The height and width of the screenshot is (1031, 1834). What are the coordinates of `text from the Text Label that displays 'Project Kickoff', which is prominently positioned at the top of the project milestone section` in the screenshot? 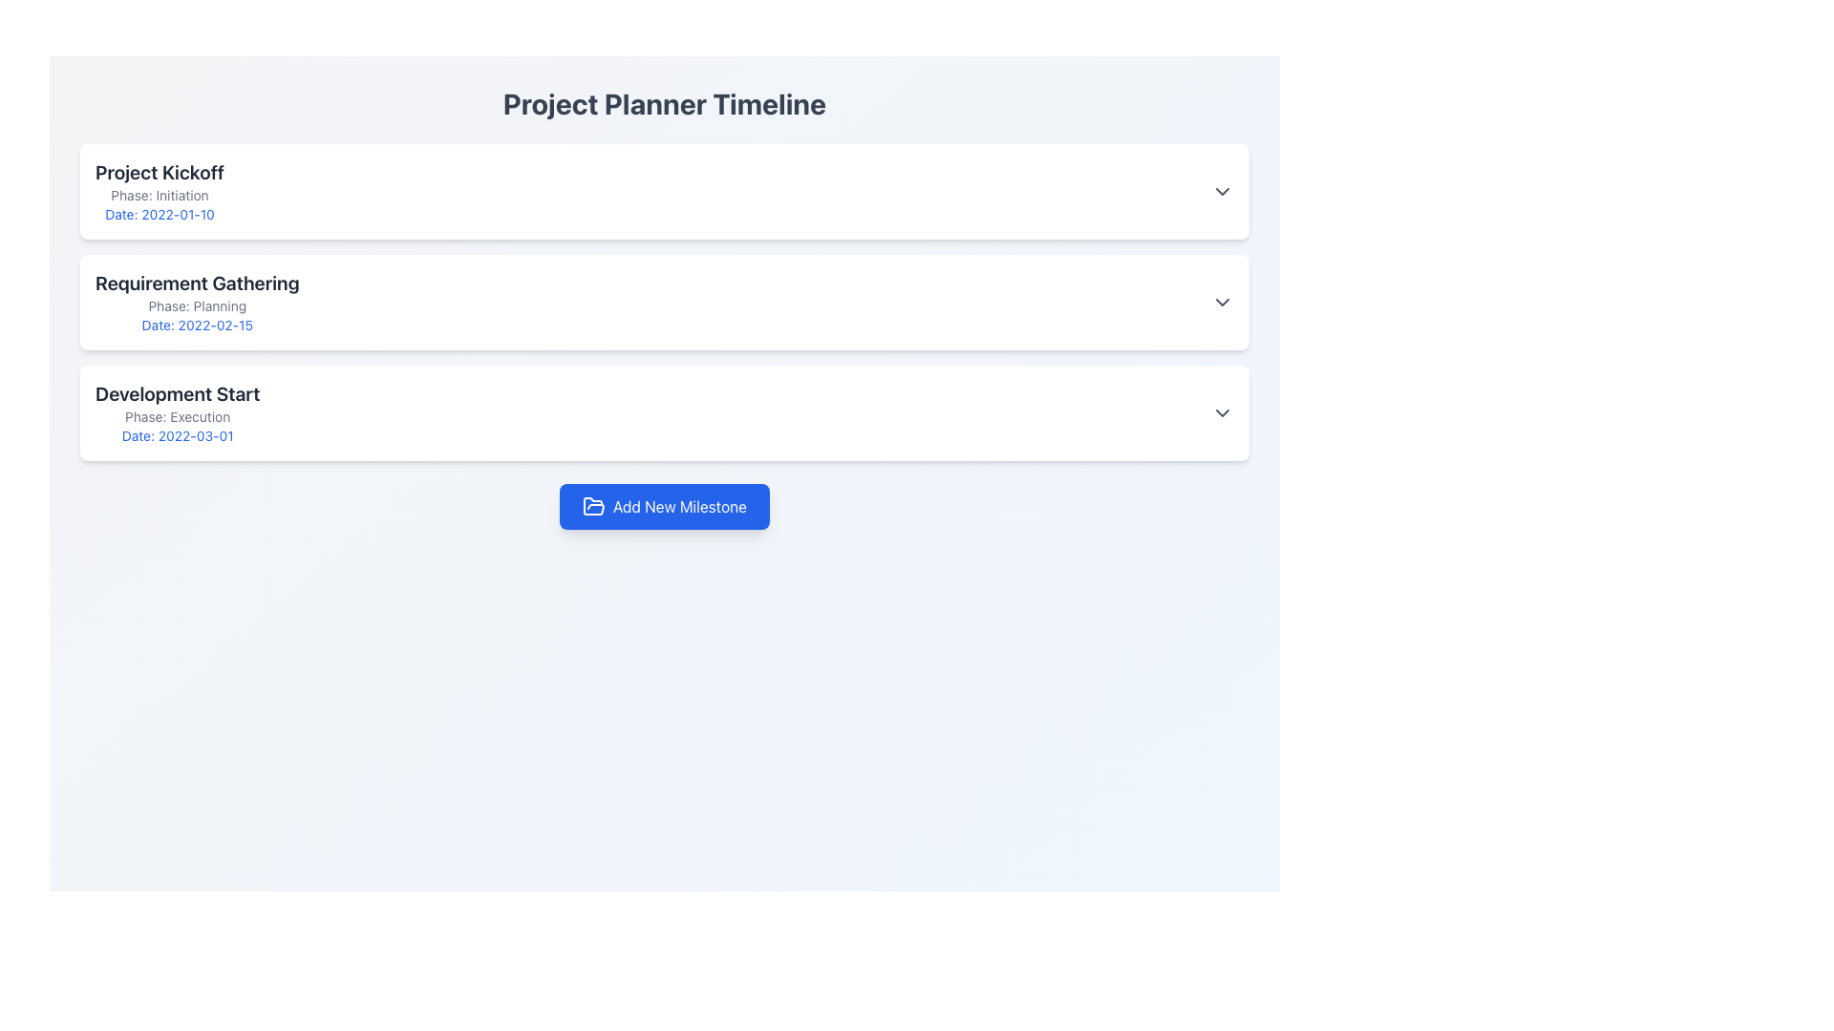 It's located at (160, 173).